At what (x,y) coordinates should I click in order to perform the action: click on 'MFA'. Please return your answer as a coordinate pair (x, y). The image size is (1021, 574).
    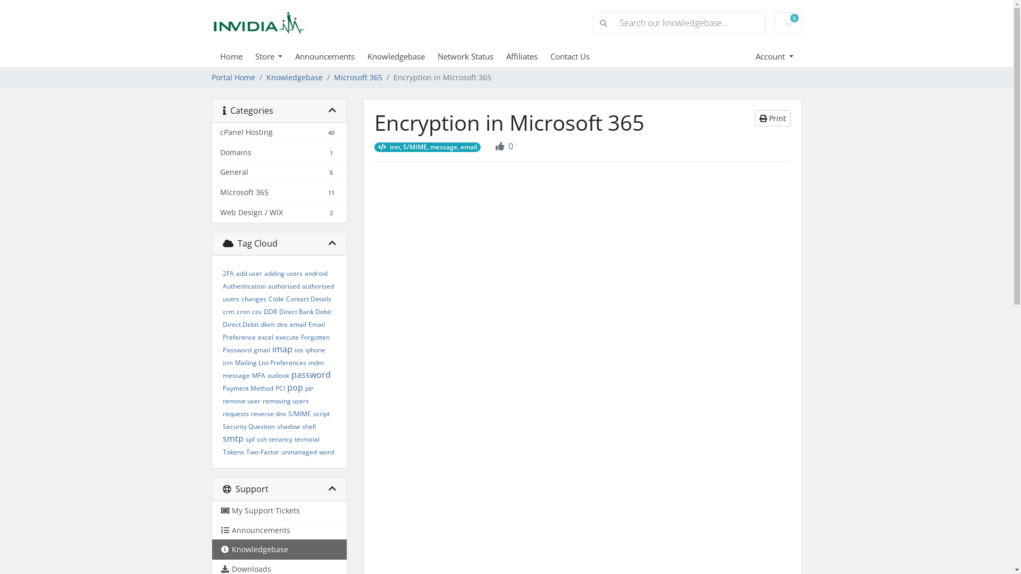
    Looking at the image, I should click on (258, 375).